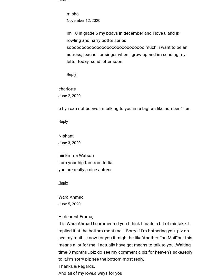 The height and width of the screenshot is (276, 218). Describe the element at coordinates (125, 241) in the screenshot. I see `'It is Wara Ahmad I commented you.I think I made a bit of mistake..I replied it at the bottom-most mail..Sorry if I’m bothering you..plz do see my mail..I know for you it might be like”Another Fan Mail”but this means a lot for me! I actually have got means to talk to you..Waiting time-3 months ..plz do see my comment a plz,for heaven’s sake,reply to it.I’m sorry plz see the bottom-most reply,'` at that location.